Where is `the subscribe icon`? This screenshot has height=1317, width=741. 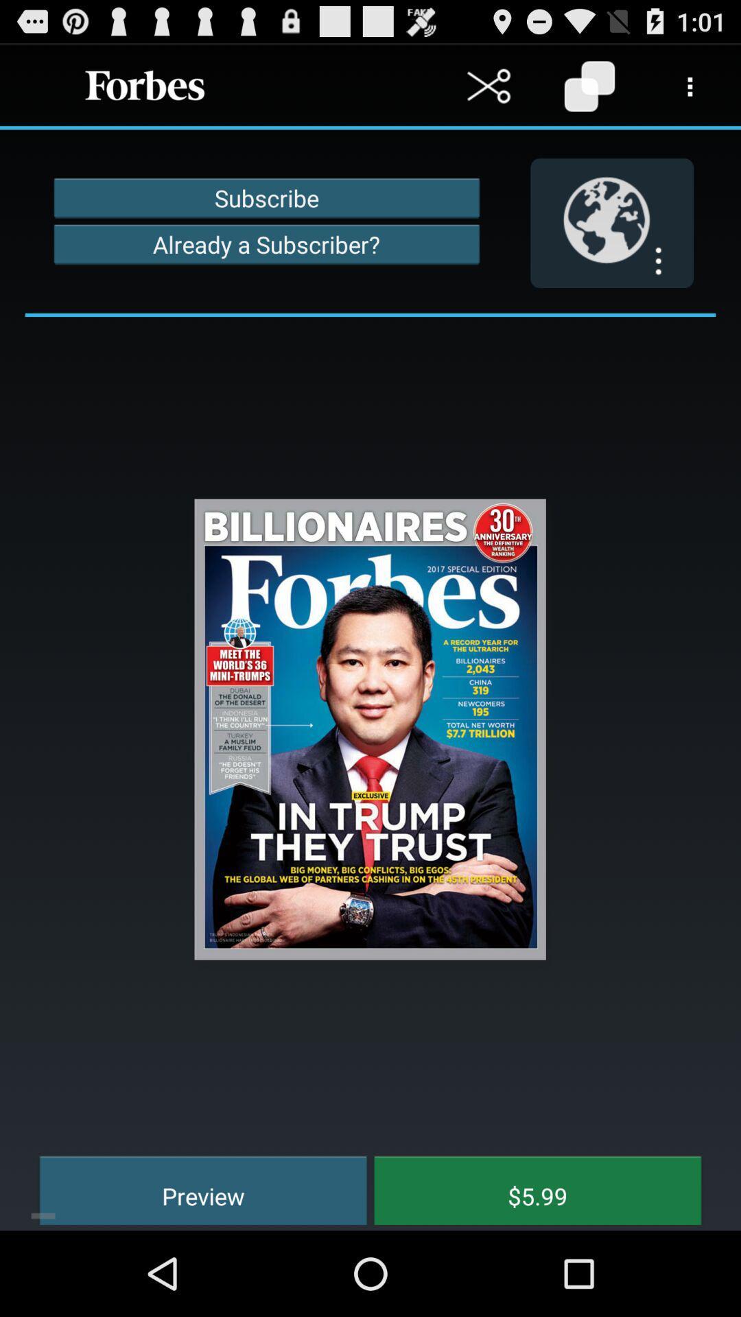
the subscribe icon is located at coordinates (266, 197).